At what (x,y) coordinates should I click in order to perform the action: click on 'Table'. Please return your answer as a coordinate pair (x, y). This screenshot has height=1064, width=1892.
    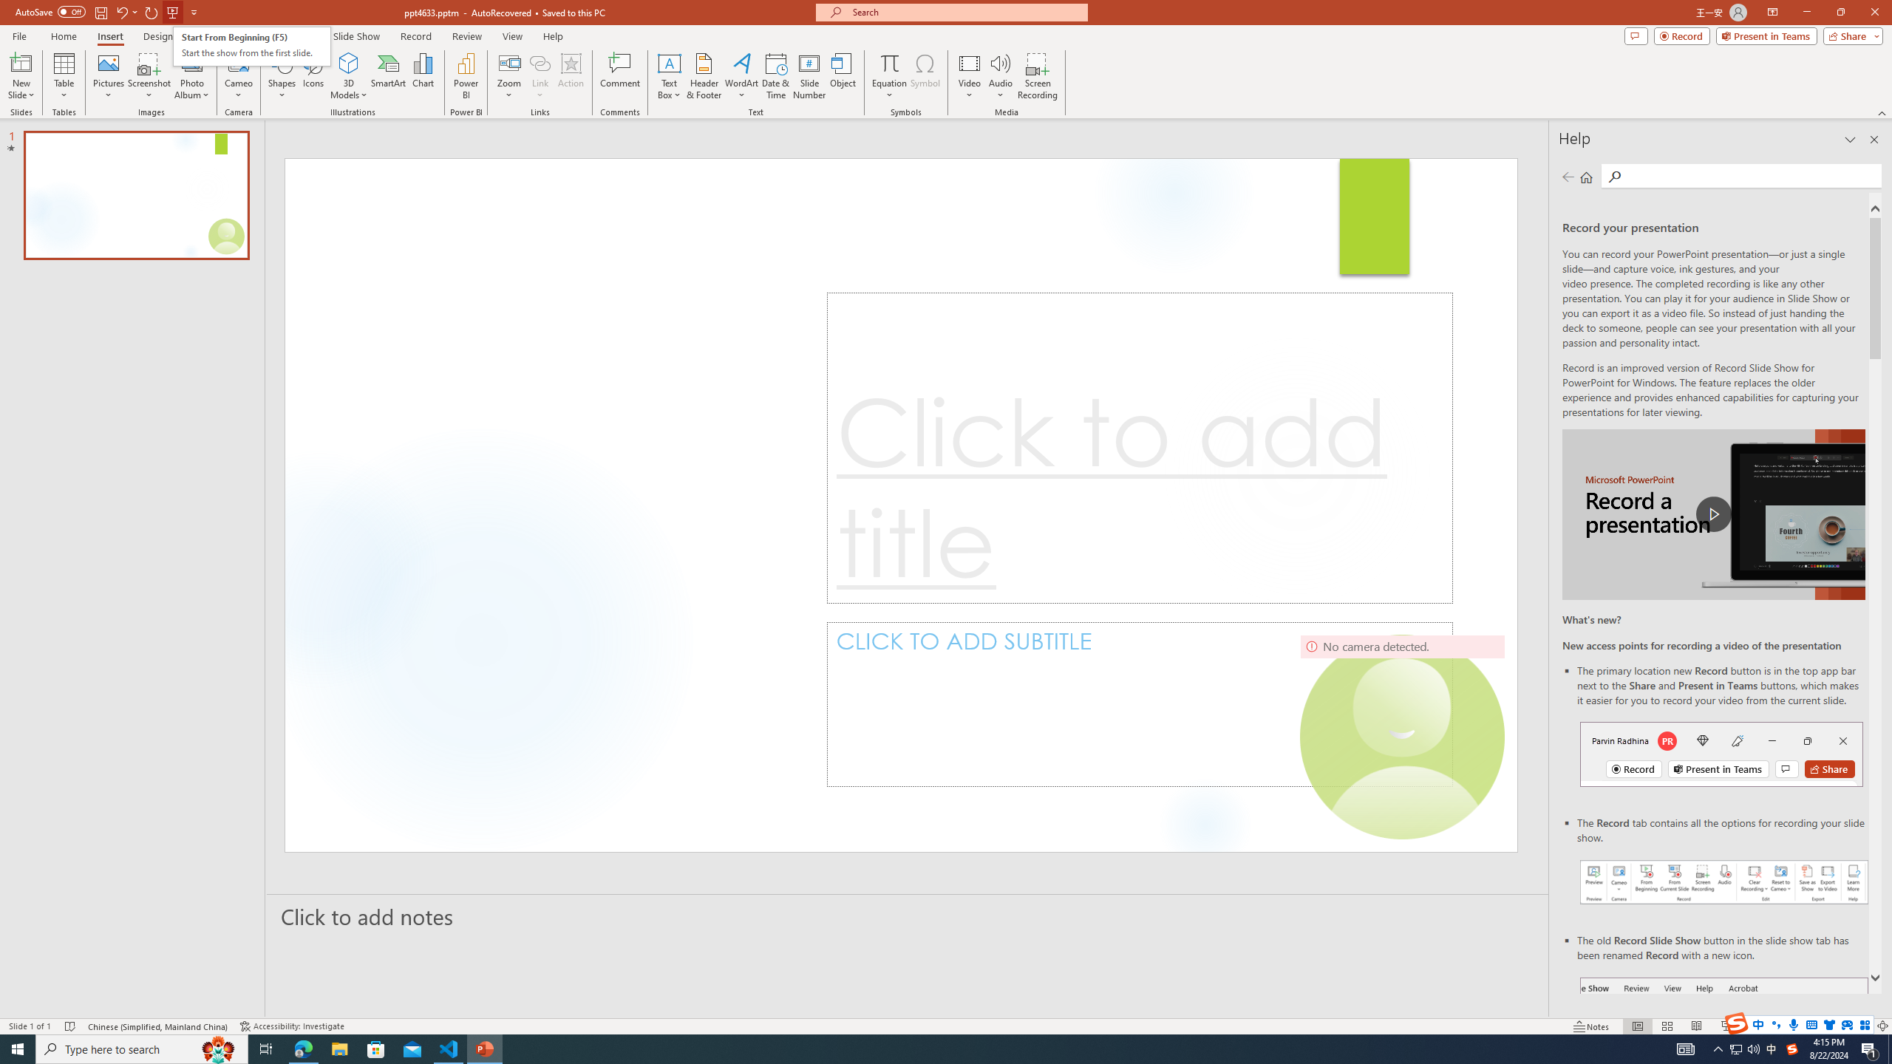
    Looking at the image, I should click on (64, 76).